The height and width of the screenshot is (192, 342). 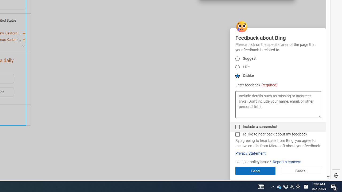 What do you see at coordinates (285, 186) in the screenshot?
I see `'User Promoted Notification Area'` at bounding box center [285, 186].